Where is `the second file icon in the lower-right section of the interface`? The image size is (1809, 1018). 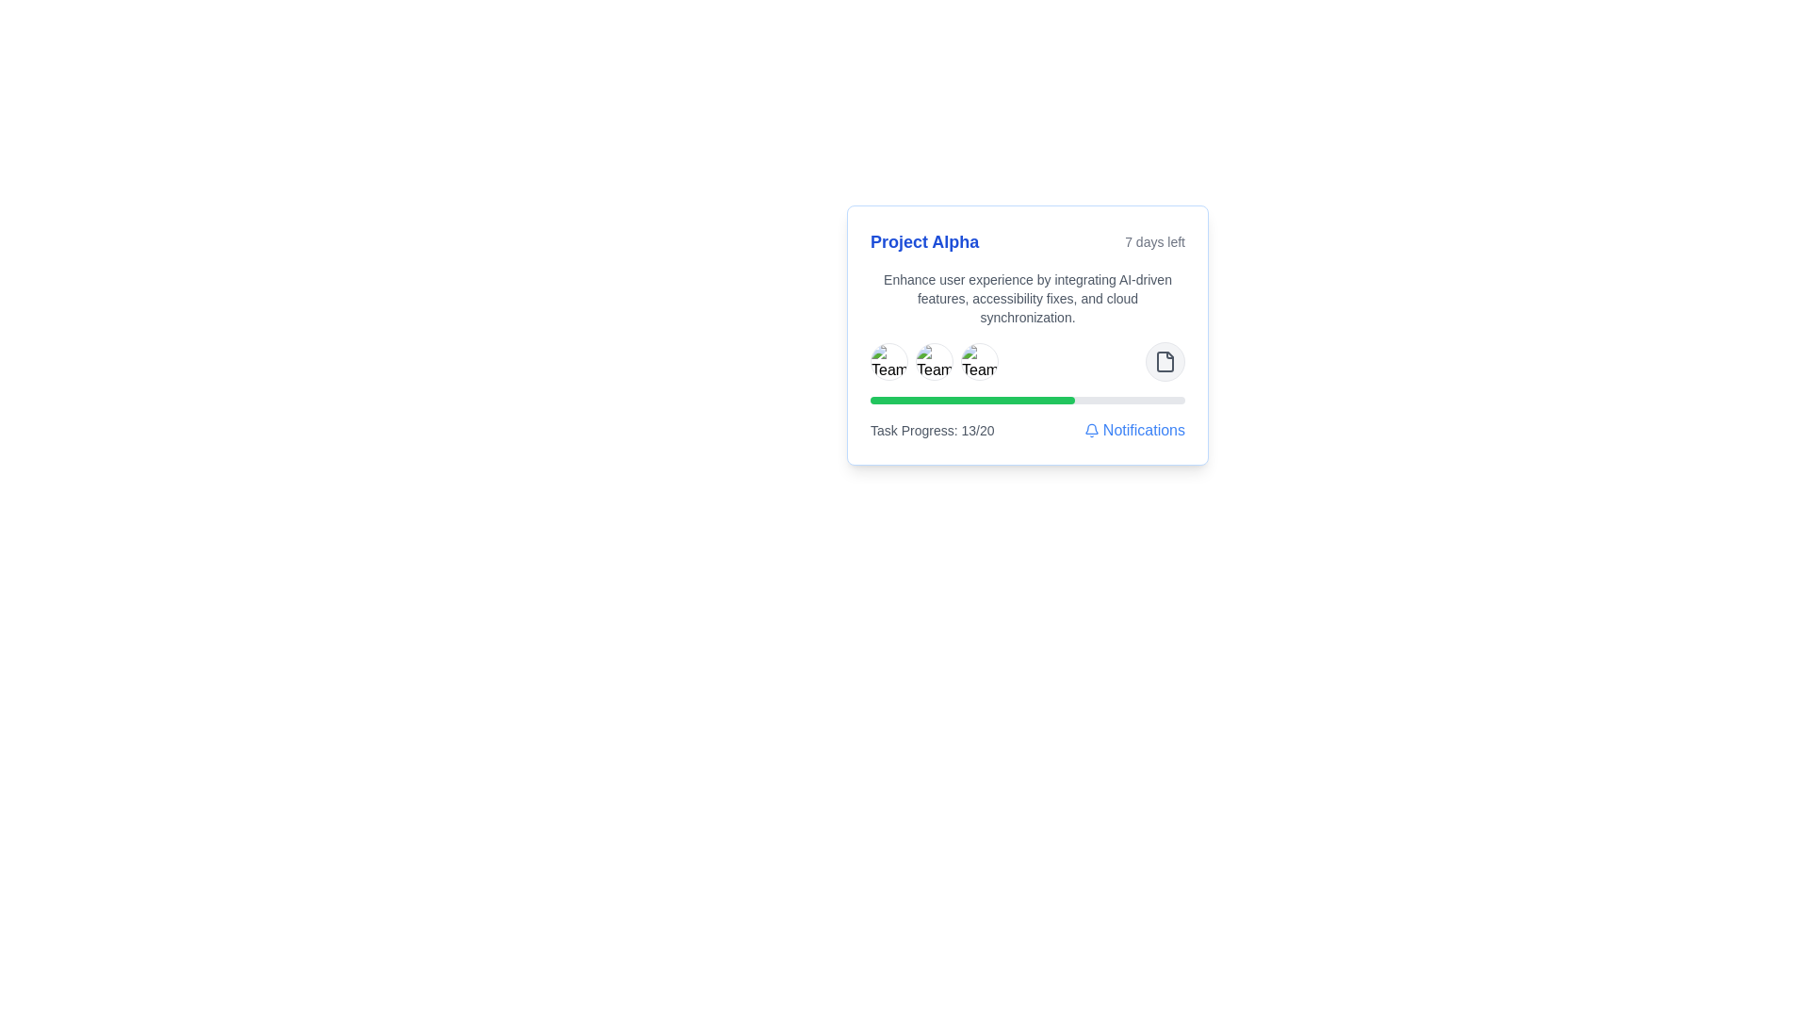 the second file icon in the lower-right section of the interface is located at coordinates (1165, 362).